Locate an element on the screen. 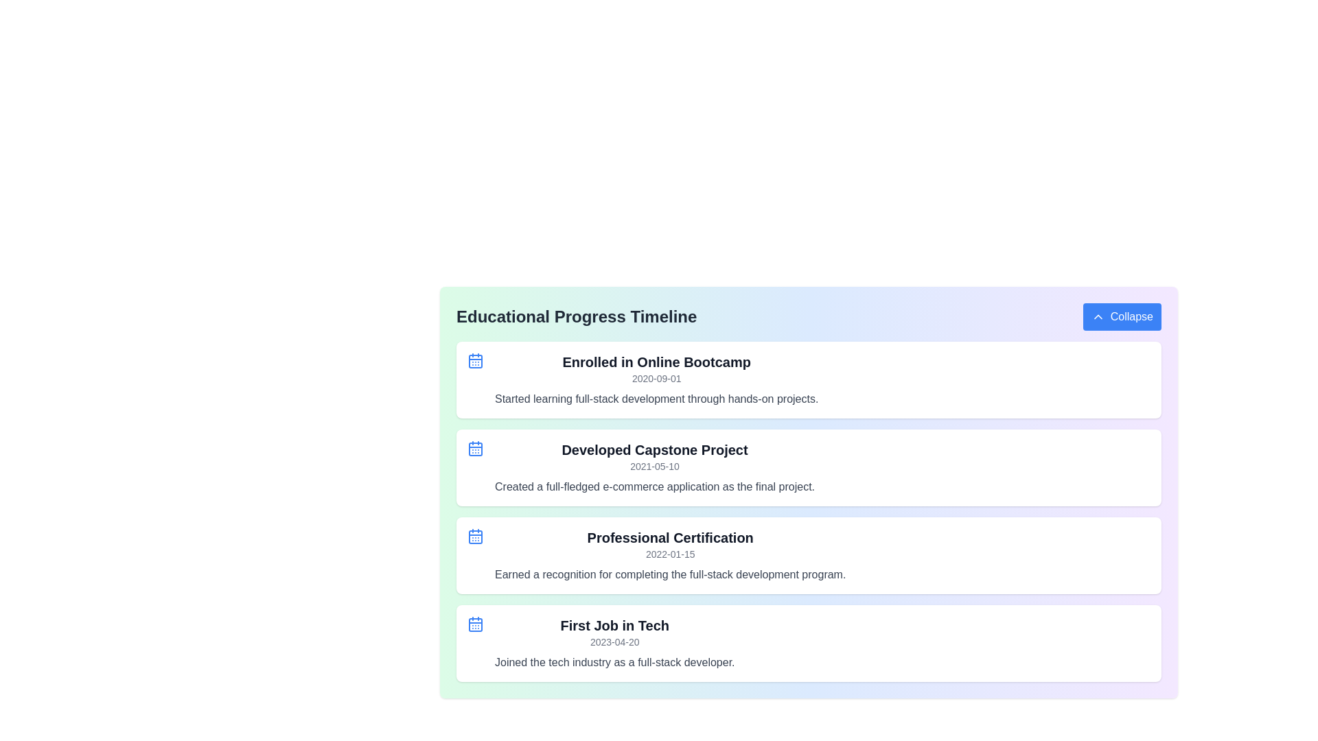 Image resolution: width=1318 pixels, height=741 pixels. title of the timeline entry that is the second item from the top, positioned below 'Enrolled in Online Bootcamp' and above 'Professional Certification' is located at coordinates (654, 467).